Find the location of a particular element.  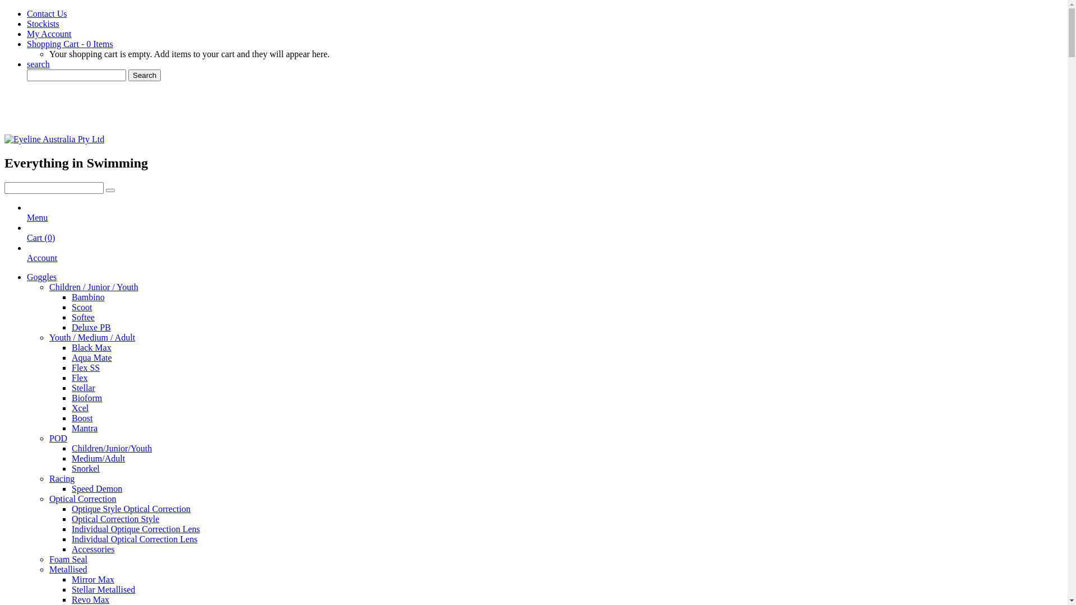

'Racing' is located at coordinates (61, 478).